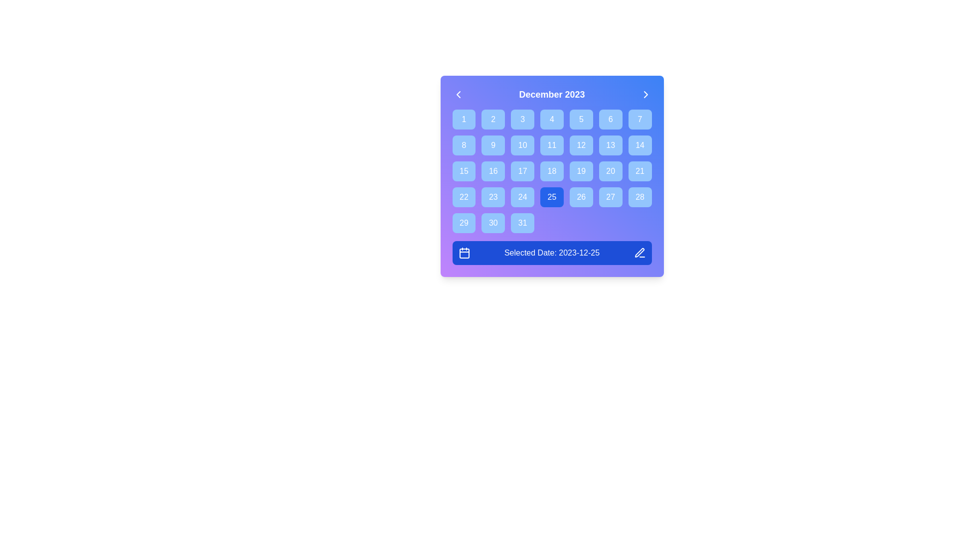 This screenshot has height=538, width=957. I want to click on the rectangular button with rounded corners labeled '30' in white font on a light blue background, located in the last row and second column under the header 'December 2023', so click(493, 222).